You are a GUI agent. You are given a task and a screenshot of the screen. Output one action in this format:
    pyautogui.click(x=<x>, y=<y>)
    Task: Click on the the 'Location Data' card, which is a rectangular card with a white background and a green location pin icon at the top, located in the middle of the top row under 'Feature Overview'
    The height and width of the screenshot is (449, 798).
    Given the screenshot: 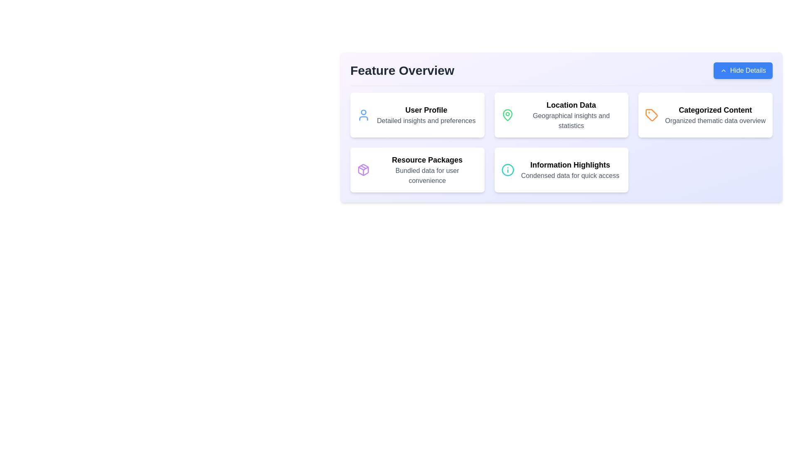 What is the action you would take?
    pyautogui.click(x=561, y=115)
    